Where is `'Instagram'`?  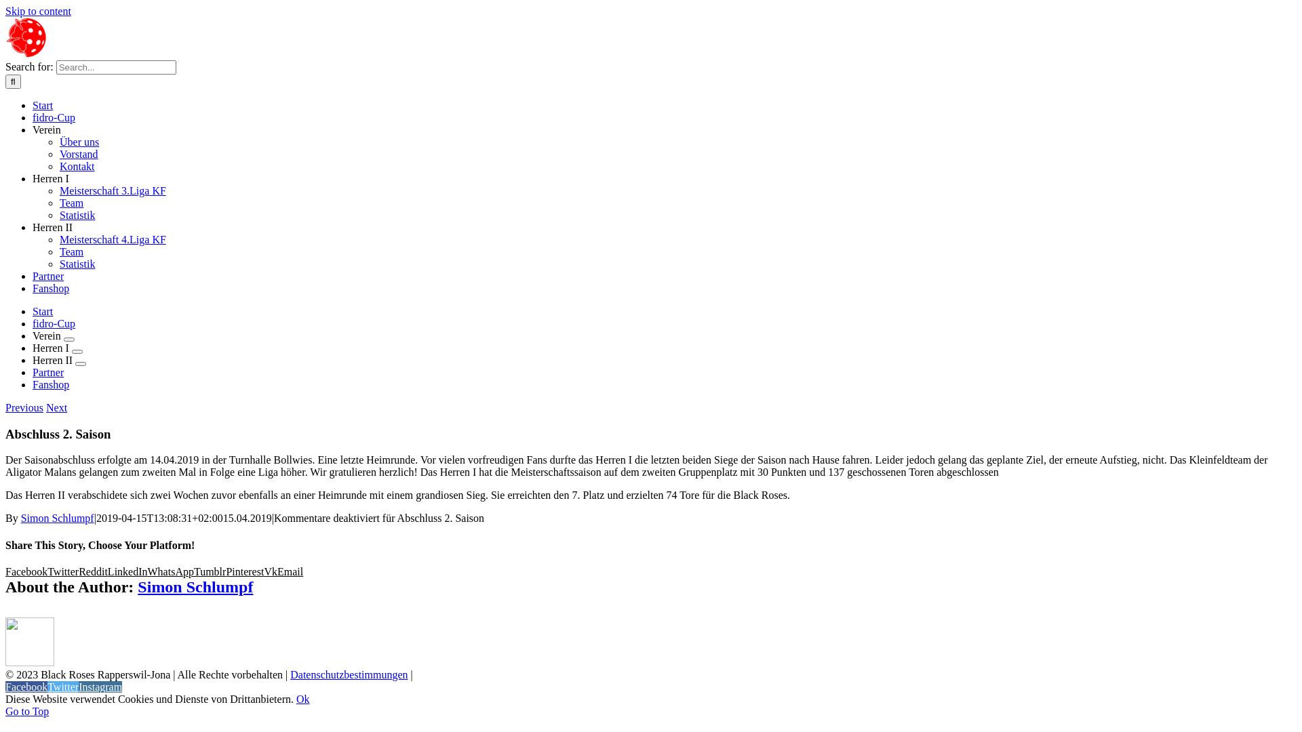
'Instagram' is located at coordinates (100, 687).